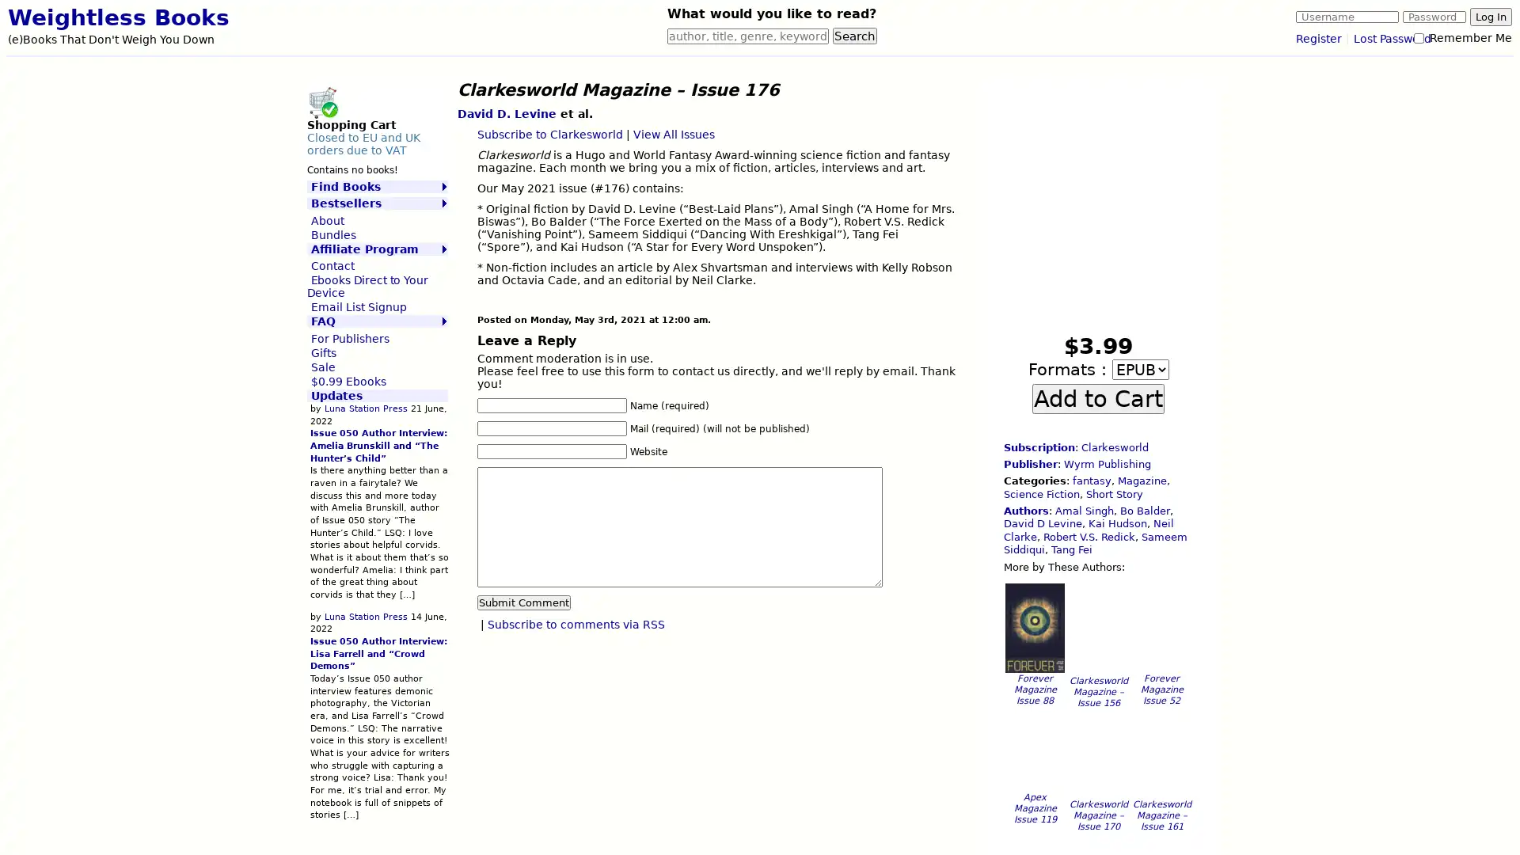 The image size is (1520, 855). What do you see at coordinates (321, 101) in the screenshot?
I see `Shopping Cart` at bounding box center [321, 101].